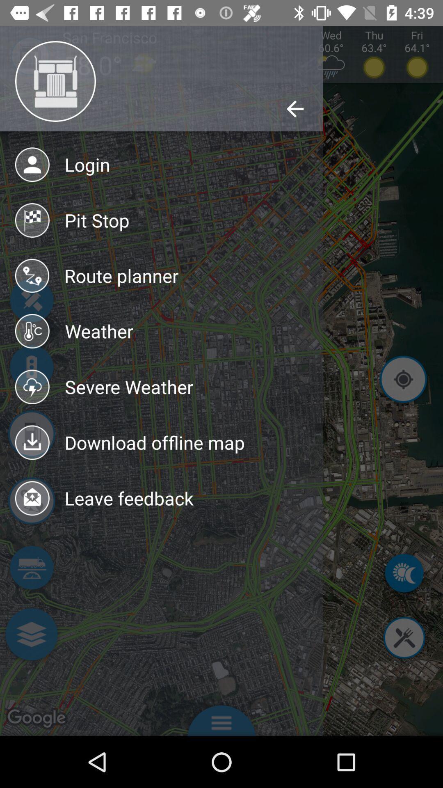 This screenshot has height=788, width=443. What do you see at coordinates (31, 502) in the screenshot?
I see `the email icon` at bounding box center [31, 502].